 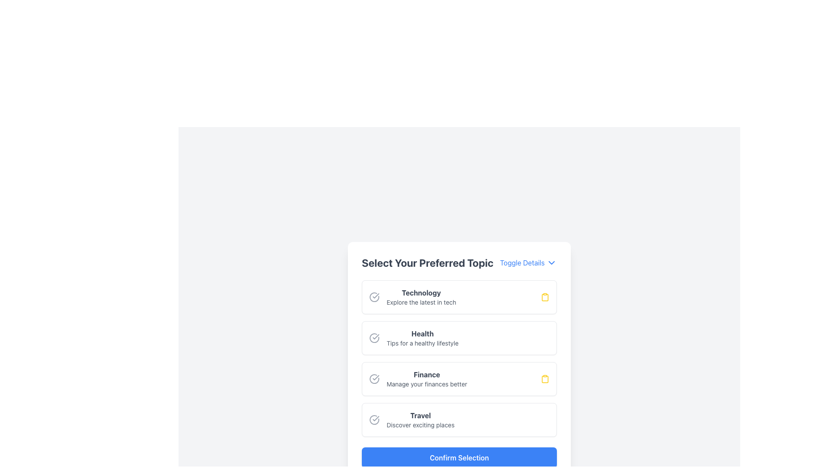 What do you see at coordinates (420, 419) in the screenshot?
I see `the Descriptive Text Component that displays the text 'Travel' and 'Discover exciting places.'` at bounding box center [420, 419].